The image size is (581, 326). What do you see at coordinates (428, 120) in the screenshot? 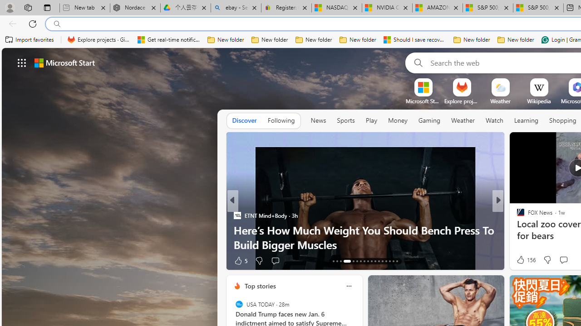
I see `'Gaming'` at bounding box center [428, 120].